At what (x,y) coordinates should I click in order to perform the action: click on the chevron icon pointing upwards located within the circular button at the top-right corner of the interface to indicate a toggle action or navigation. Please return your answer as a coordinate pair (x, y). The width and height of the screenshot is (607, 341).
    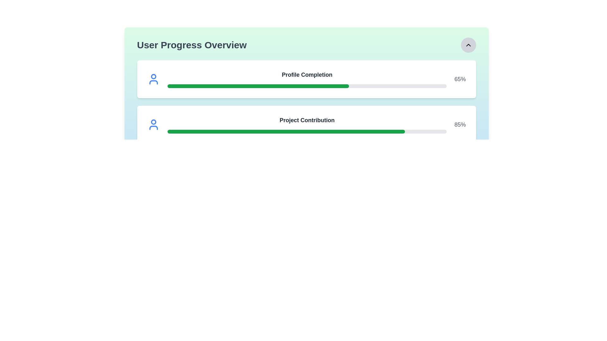
    Looking at the image, I should click on (468, 45).